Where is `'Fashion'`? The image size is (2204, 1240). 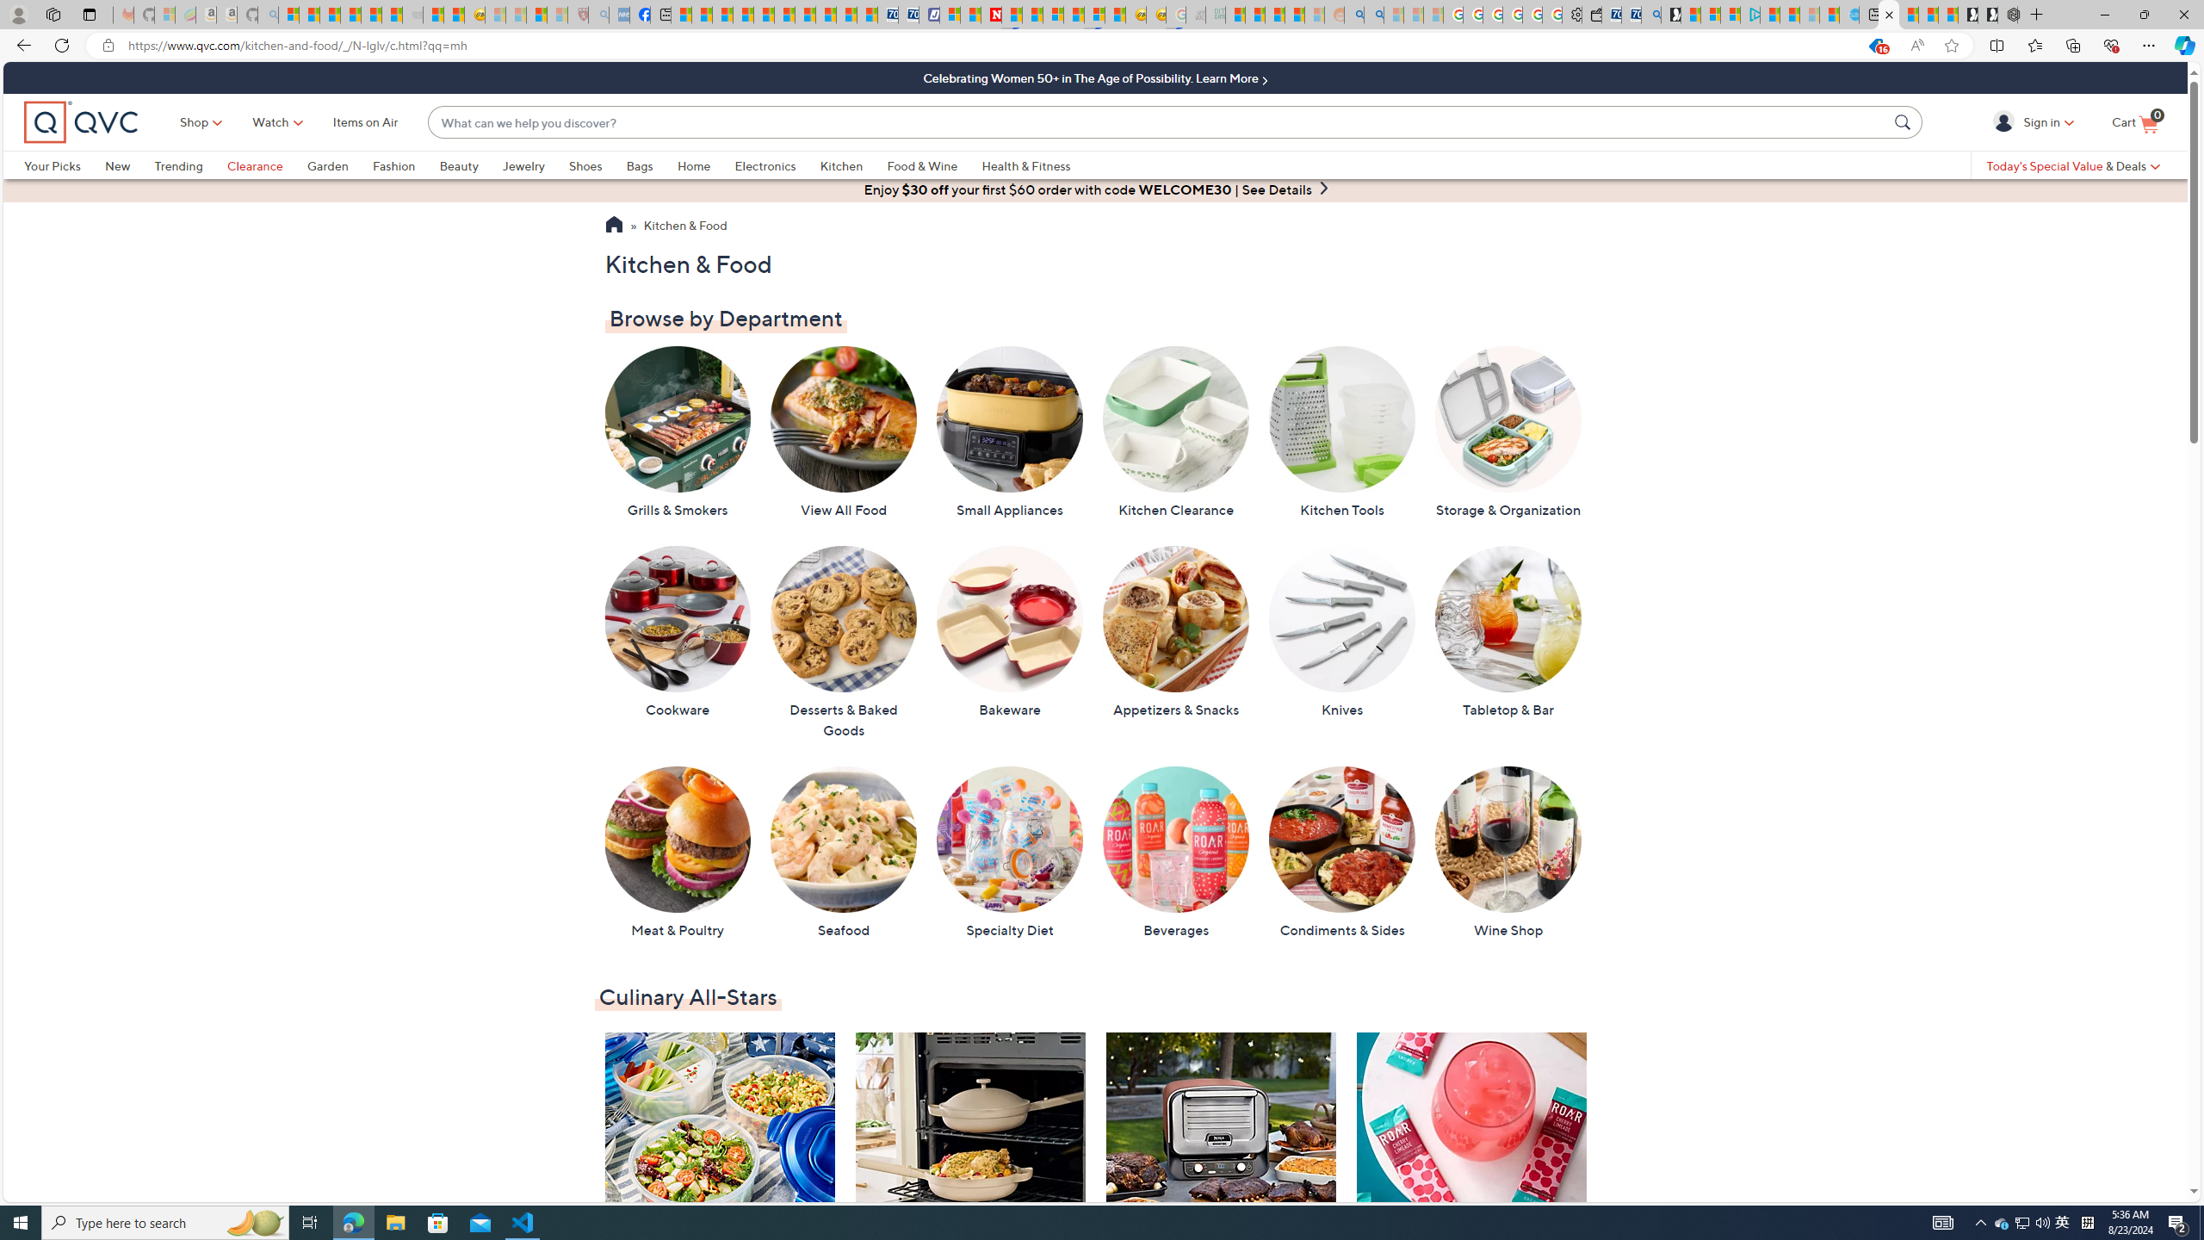
'Fashion' is located at coordinates (393, 164).